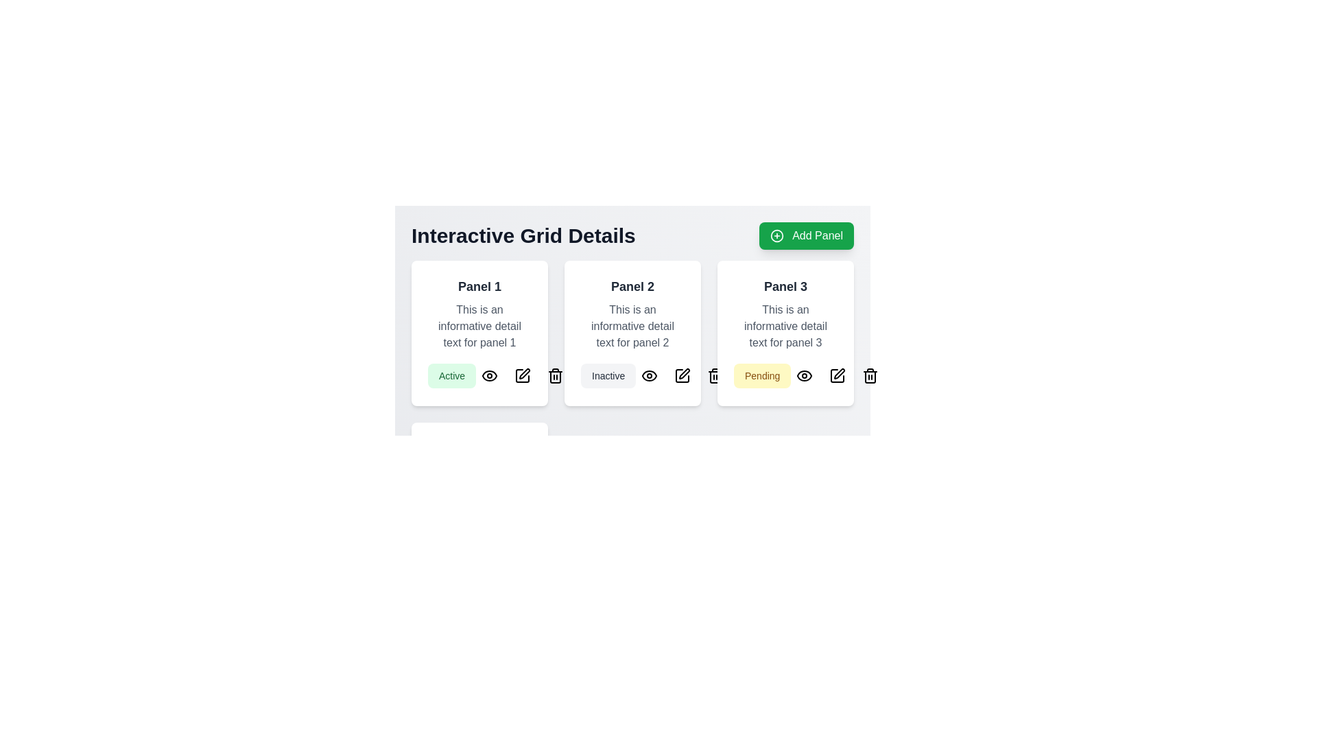  Describe the element at coordinates (542, 537) in the screenshot. I see `the edit button located below 'Panel 3', which is the middle button in a group of three buttons aligned horizontally, to provide visual feedback` at that location.